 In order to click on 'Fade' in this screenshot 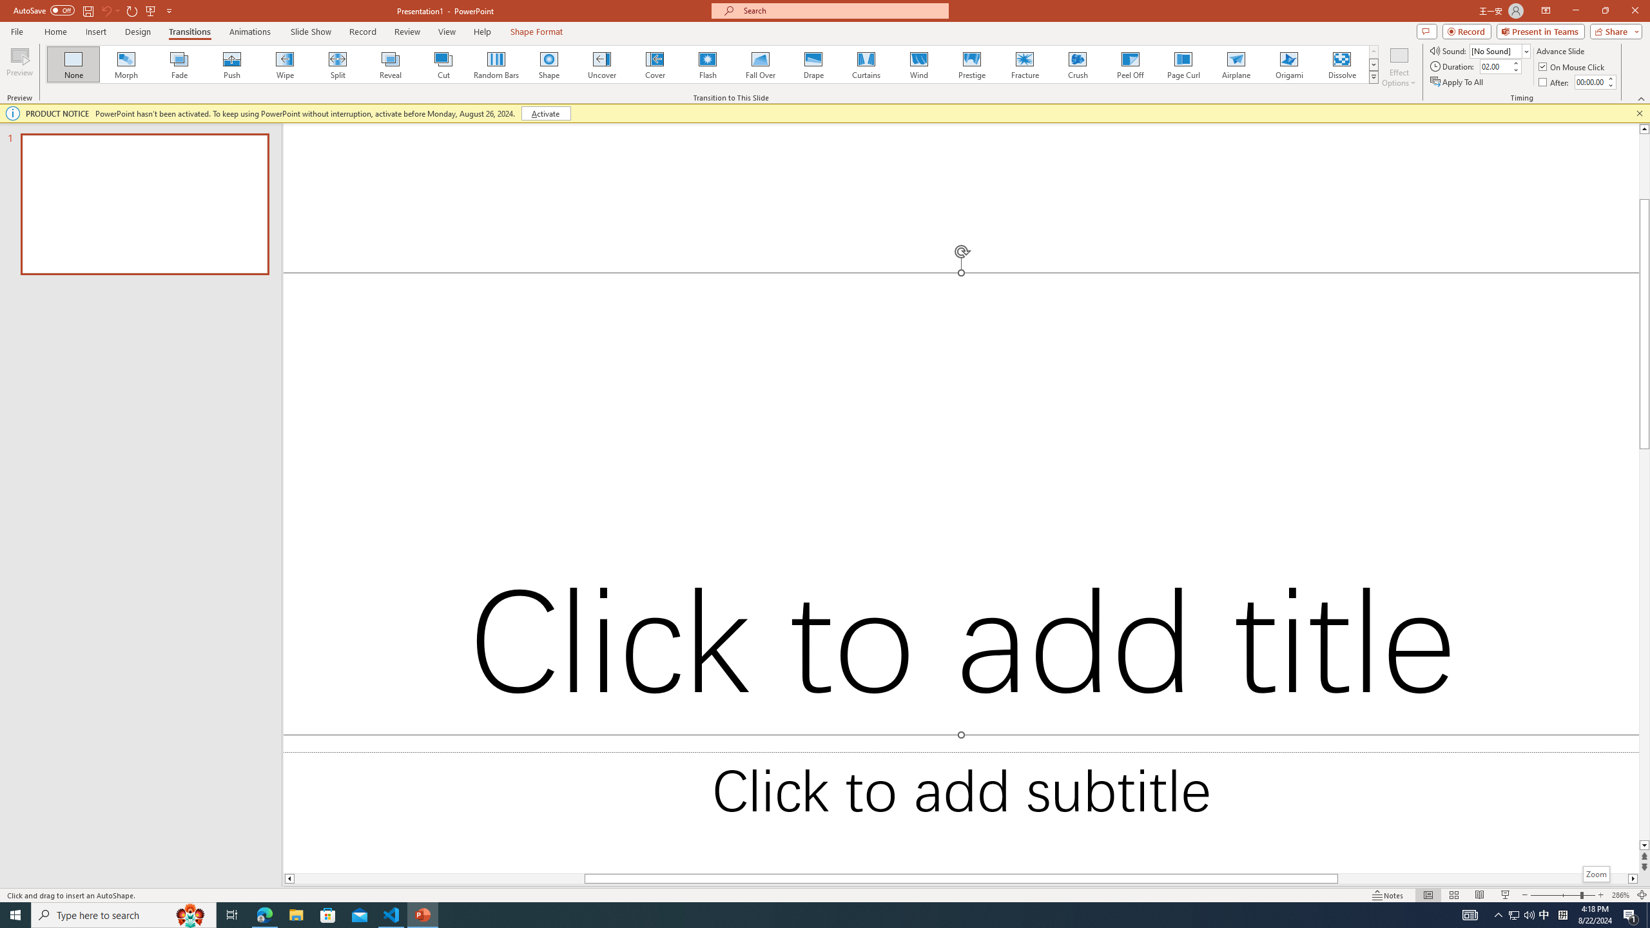, I will do `click(179, 64)`.